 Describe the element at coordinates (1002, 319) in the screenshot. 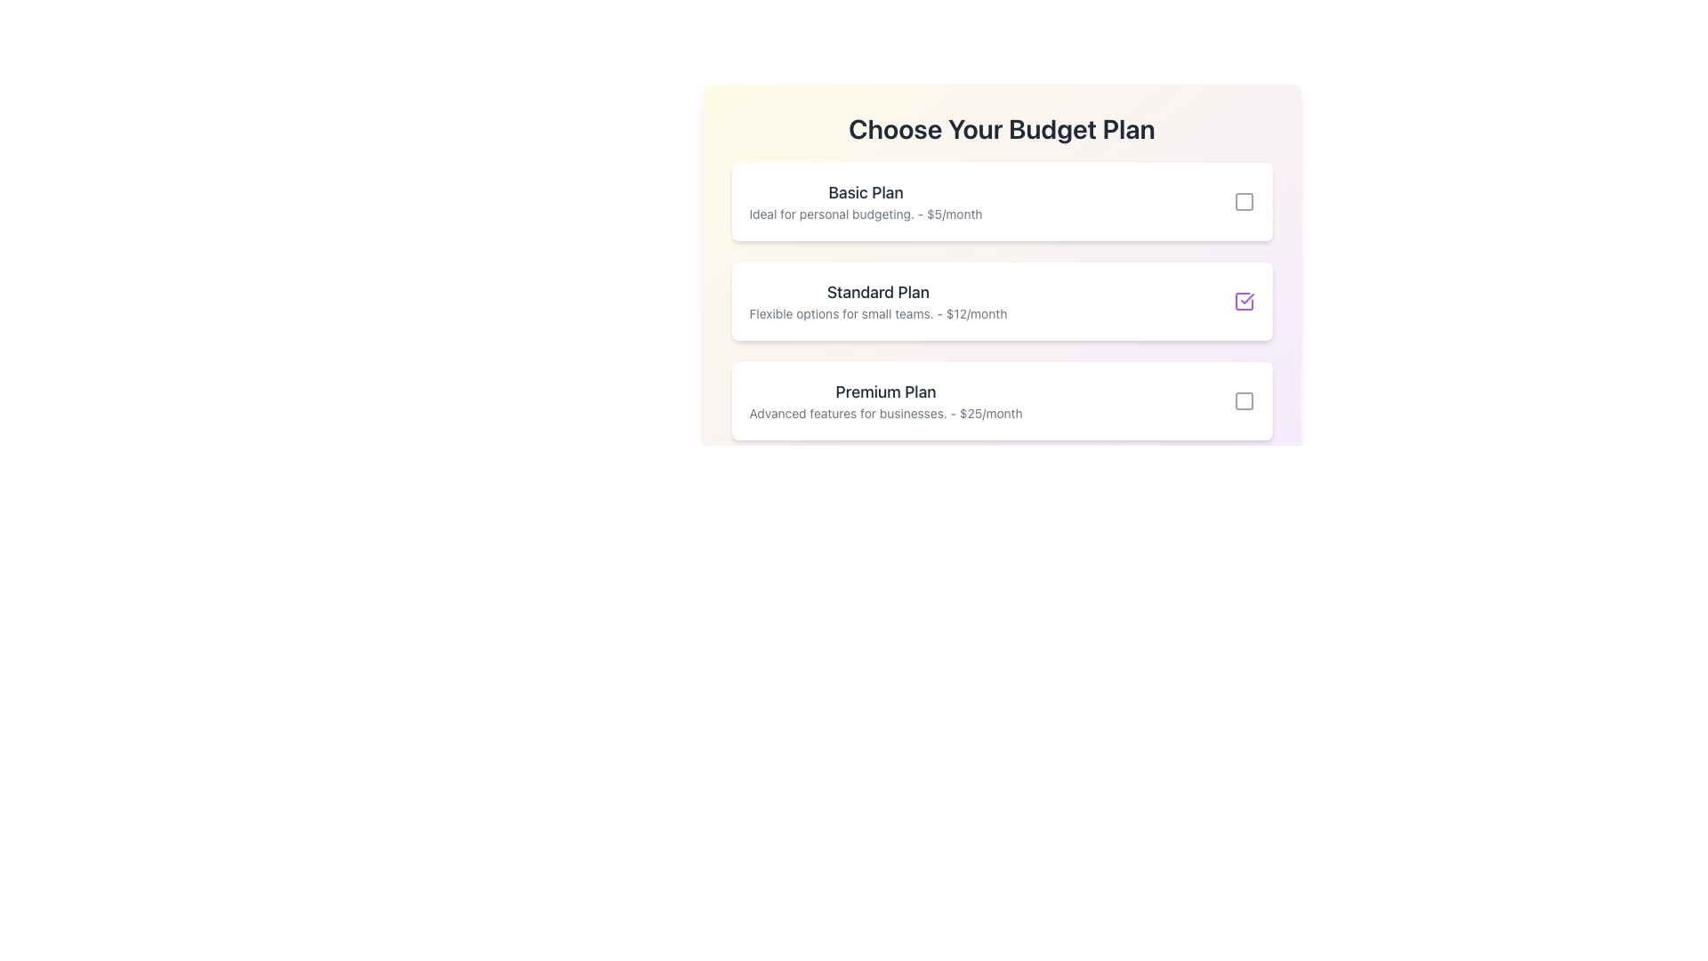

I see `the selectable list item titled 'Standard Plan'` at that location.